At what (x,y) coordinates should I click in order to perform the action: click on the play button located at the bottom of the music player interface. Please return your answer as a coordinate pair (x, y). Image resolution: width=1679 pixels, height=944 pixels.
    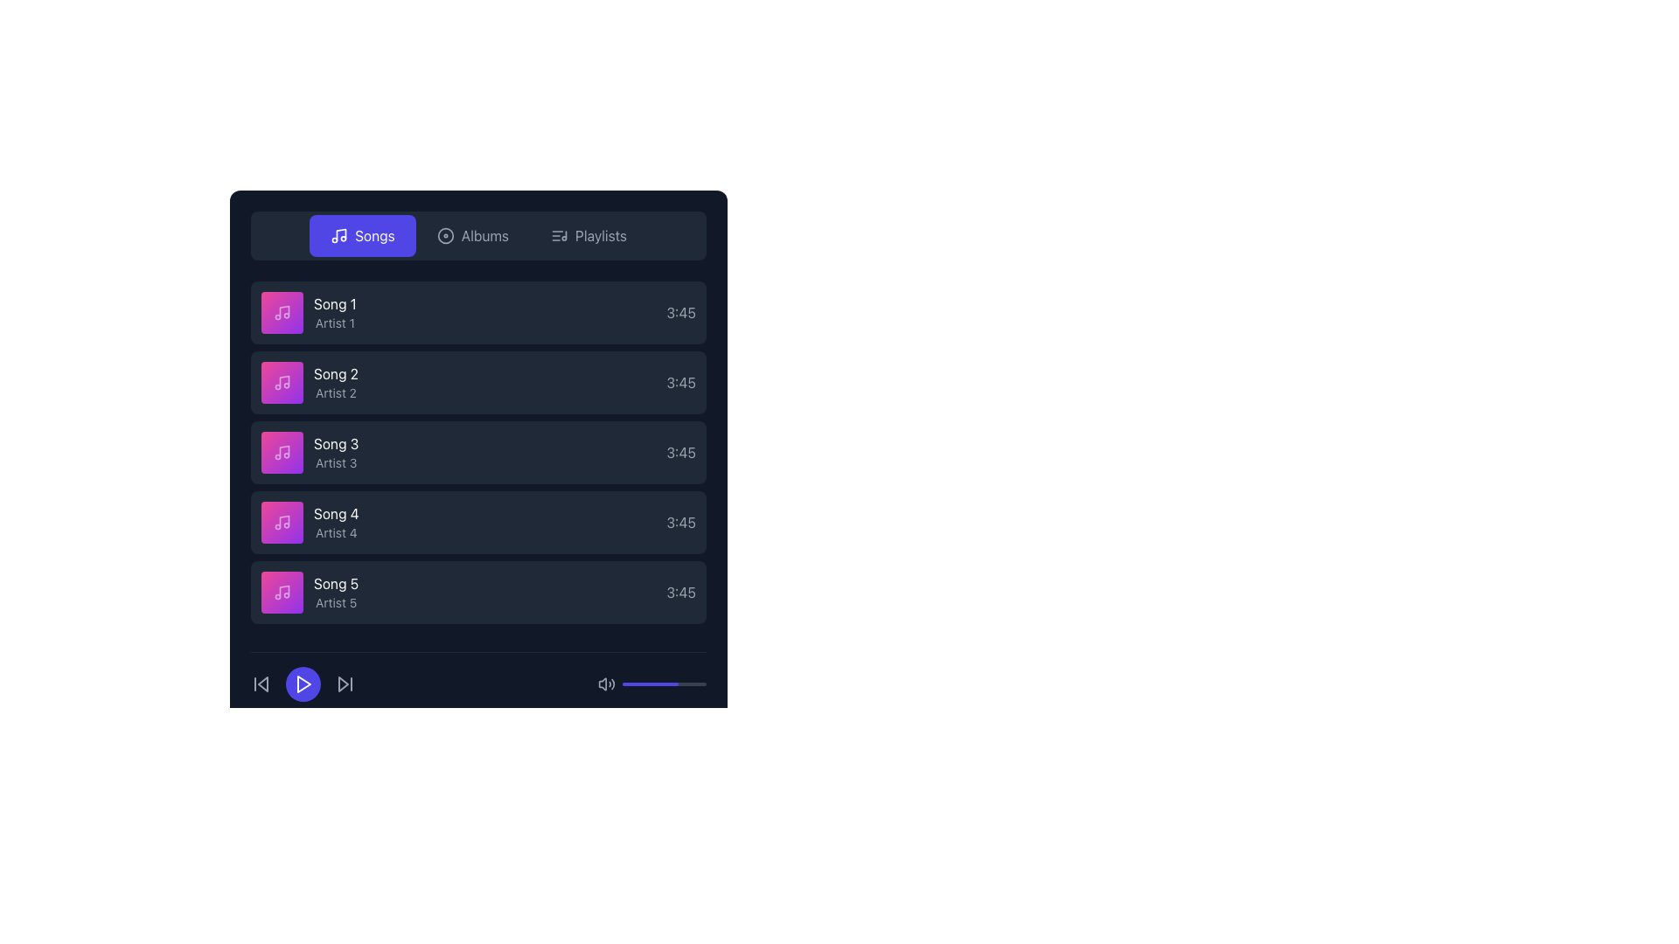
    Looking at the image, I should click on (303, 684).